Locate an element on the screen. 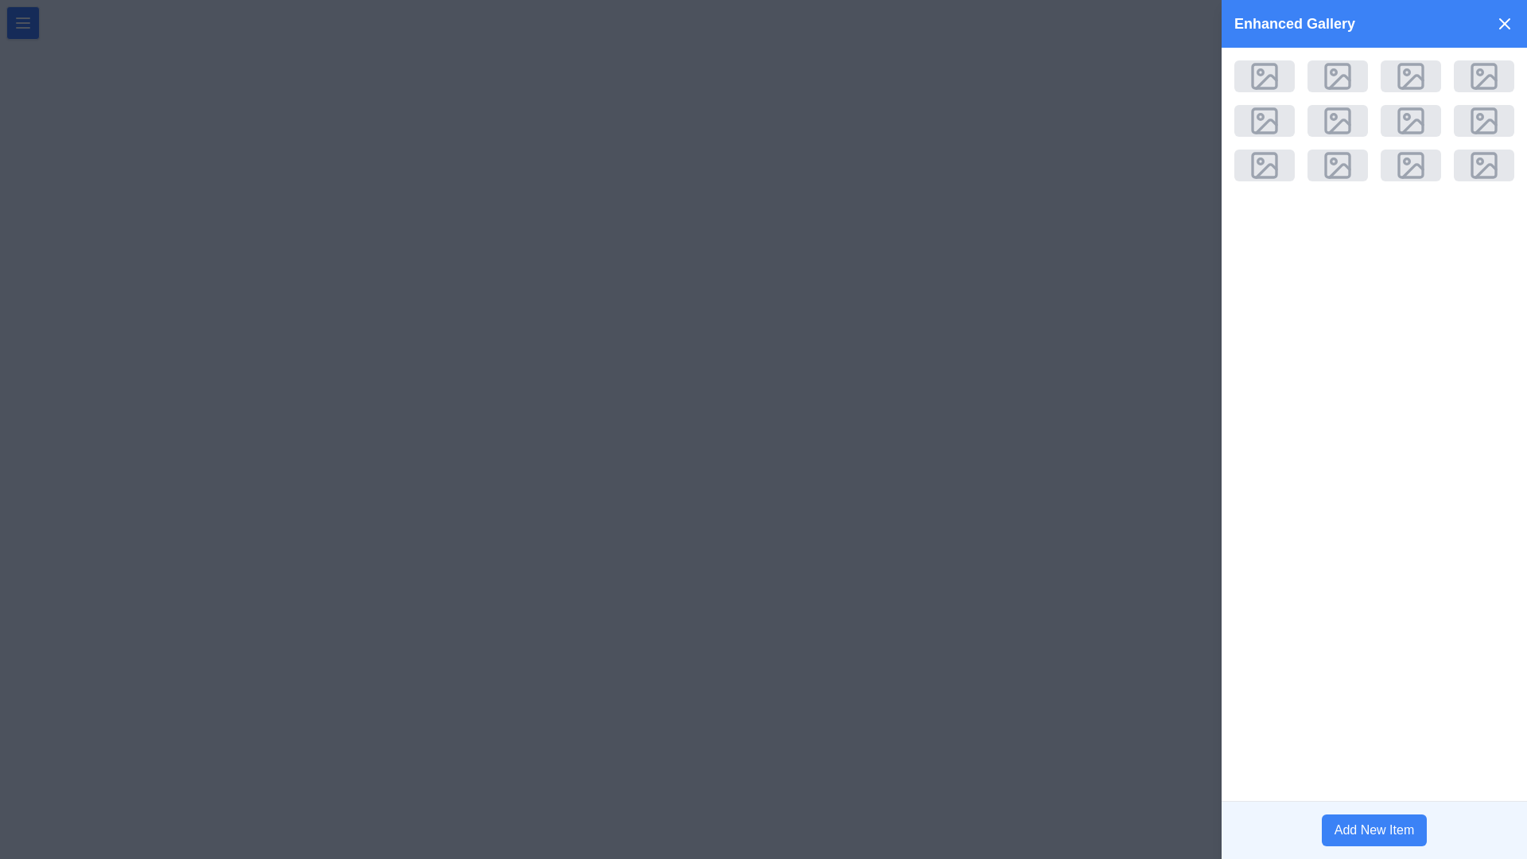 The image size is (1527, 859). the image placeholder button is located at coordinates (1336, 76).